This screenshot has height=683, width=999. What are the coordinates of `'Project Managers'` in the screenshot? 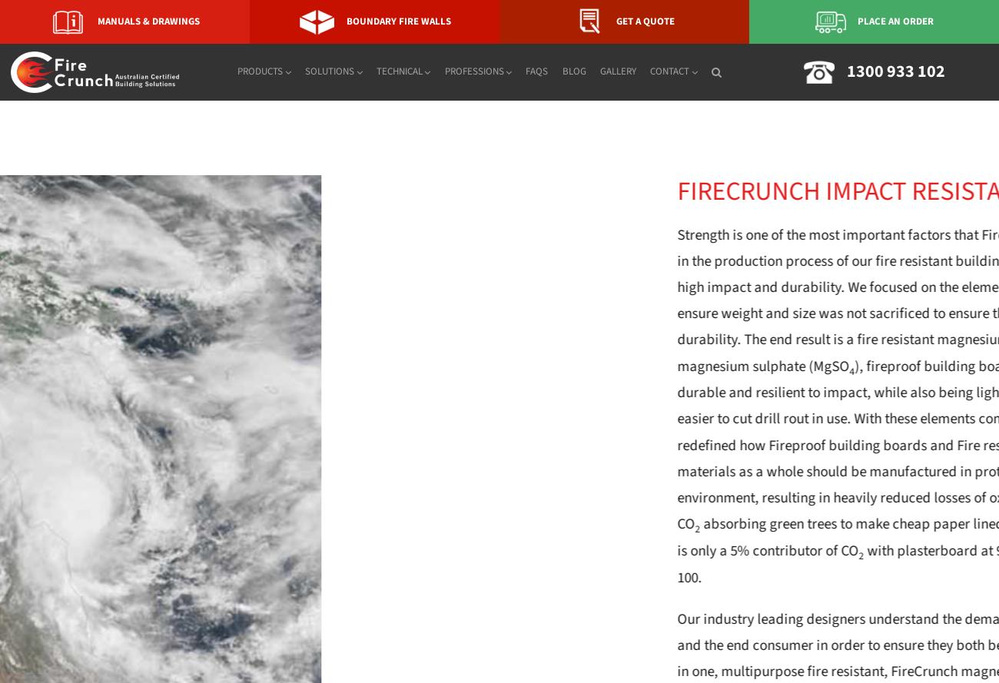 It's located at (503, 194).